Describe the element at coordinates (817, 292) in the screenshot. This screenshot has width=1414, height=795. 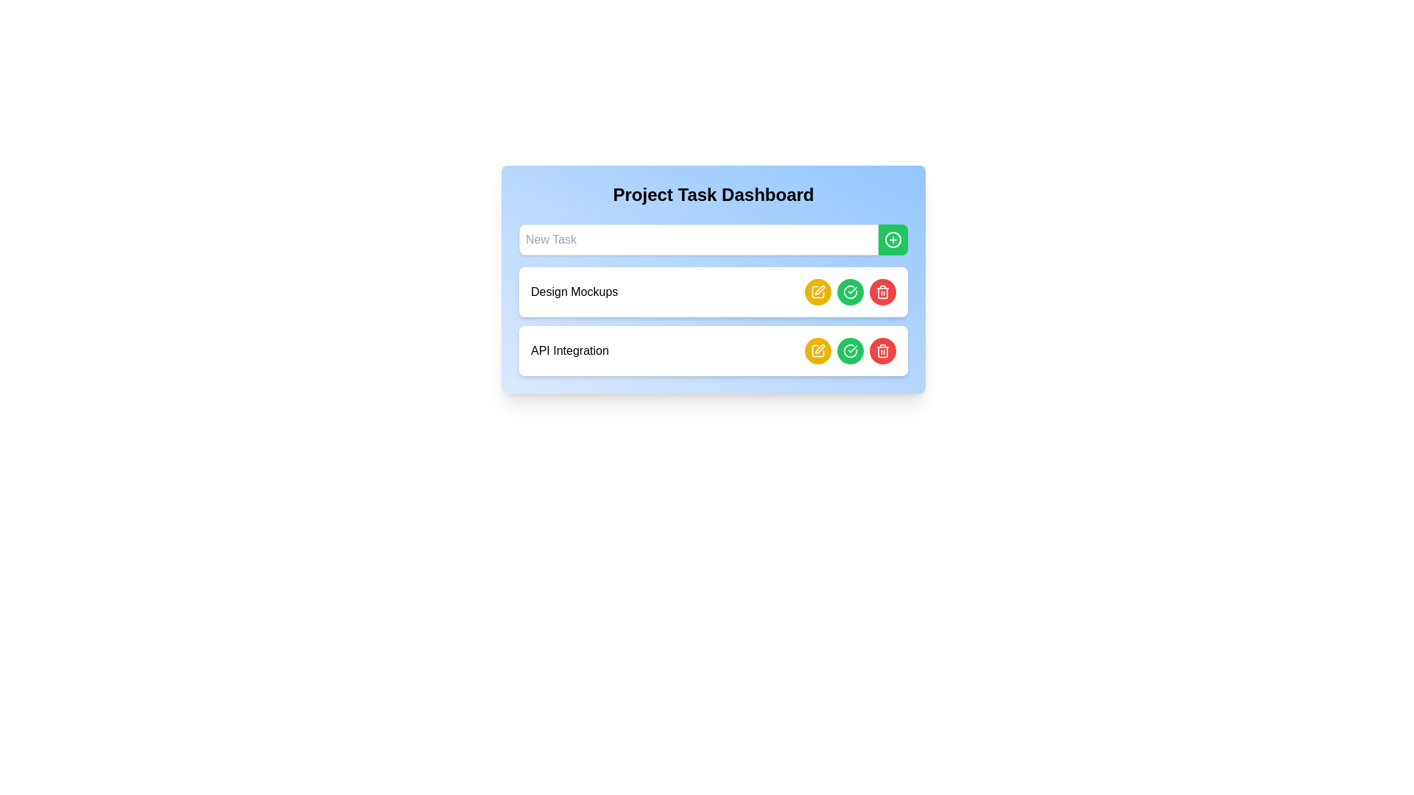
I see `the action button located in the second task item row, to the left of the green circular checkmark icon` at that location.